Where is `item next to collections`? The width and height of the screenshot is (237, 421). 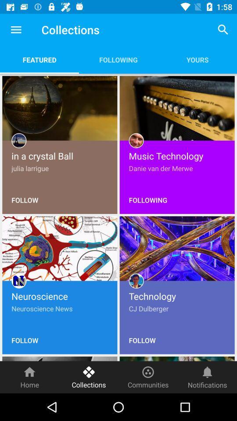
item next to collections is located at coordinates (148, 377).